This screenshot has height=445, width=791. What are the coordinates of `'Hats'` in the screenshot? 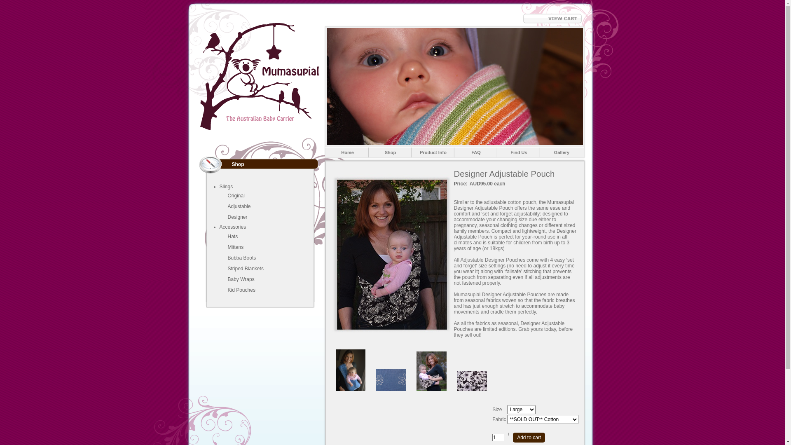 It's located at (232, 237).